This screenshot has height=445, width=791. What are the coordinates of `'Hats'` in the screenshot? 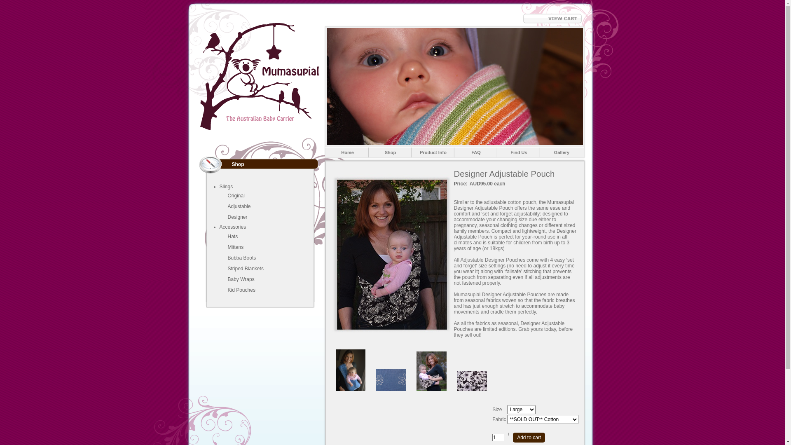 It's located at (232, 237).